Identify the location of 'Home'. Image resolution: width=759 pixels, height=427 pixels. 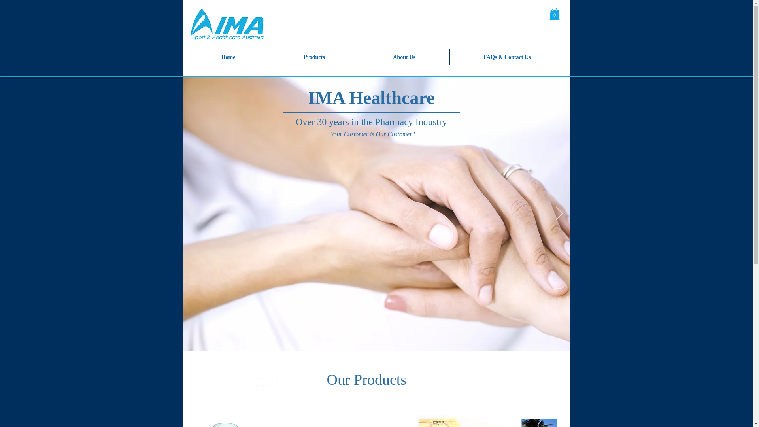
(228, 57).